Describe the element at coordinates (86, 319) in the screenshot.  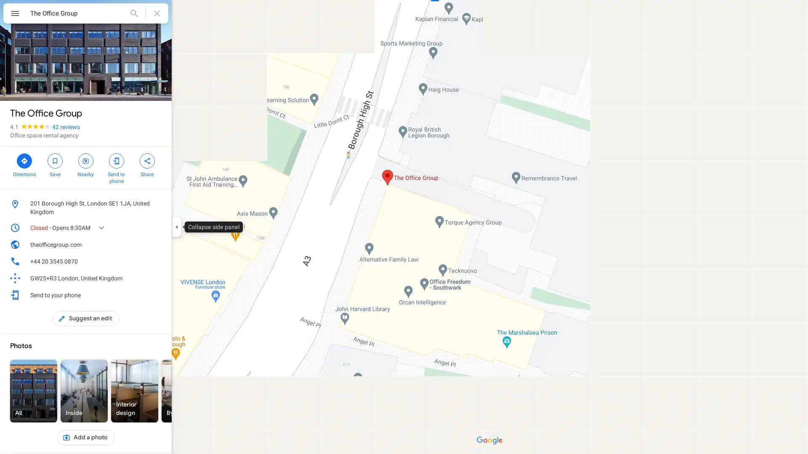
I see `Suggest an edit` at that location.